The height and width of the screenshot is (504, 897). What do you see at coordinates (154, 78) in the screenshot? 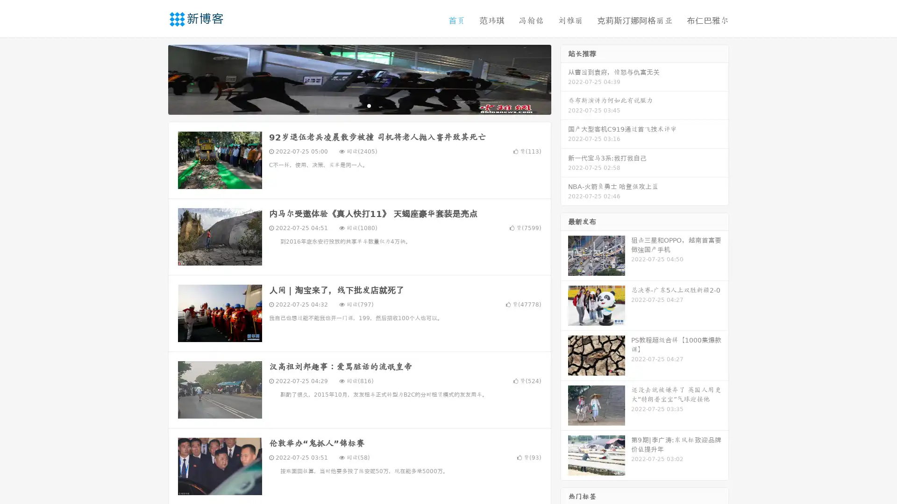
I see `Previous slide` at bounding box center [154, 78].